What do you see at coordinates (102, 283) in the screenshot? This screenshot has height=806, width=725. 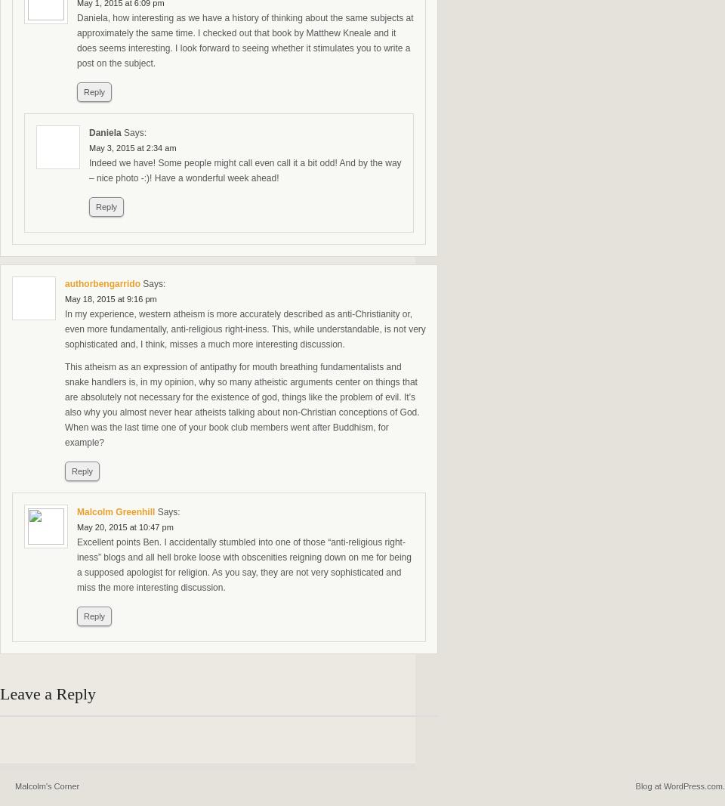 I see `'authorbengarrido'` at bounding box center [102, 283].